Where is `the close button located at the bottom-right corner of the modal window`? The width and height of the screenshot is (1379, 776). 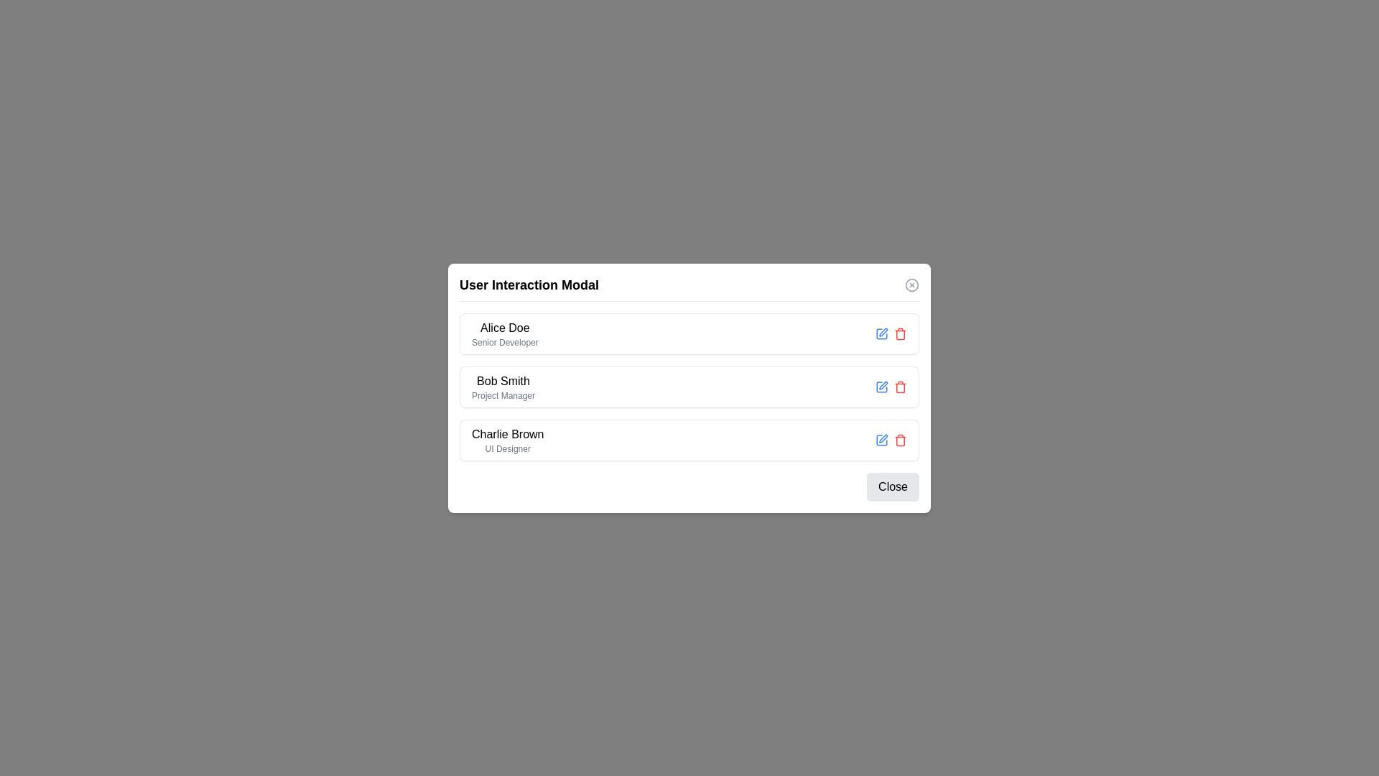 the close button located at the bottom-right corner of the modal window is located at coordinates (689, 486).